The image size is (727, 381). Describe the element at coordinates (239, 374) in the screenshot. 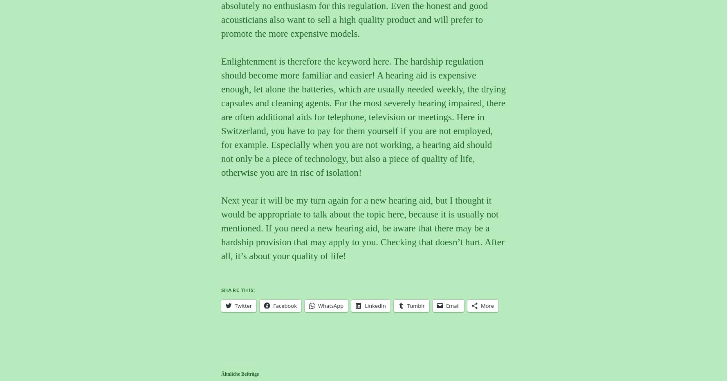

I see `'Ähnliche Beiträge'` at that location.